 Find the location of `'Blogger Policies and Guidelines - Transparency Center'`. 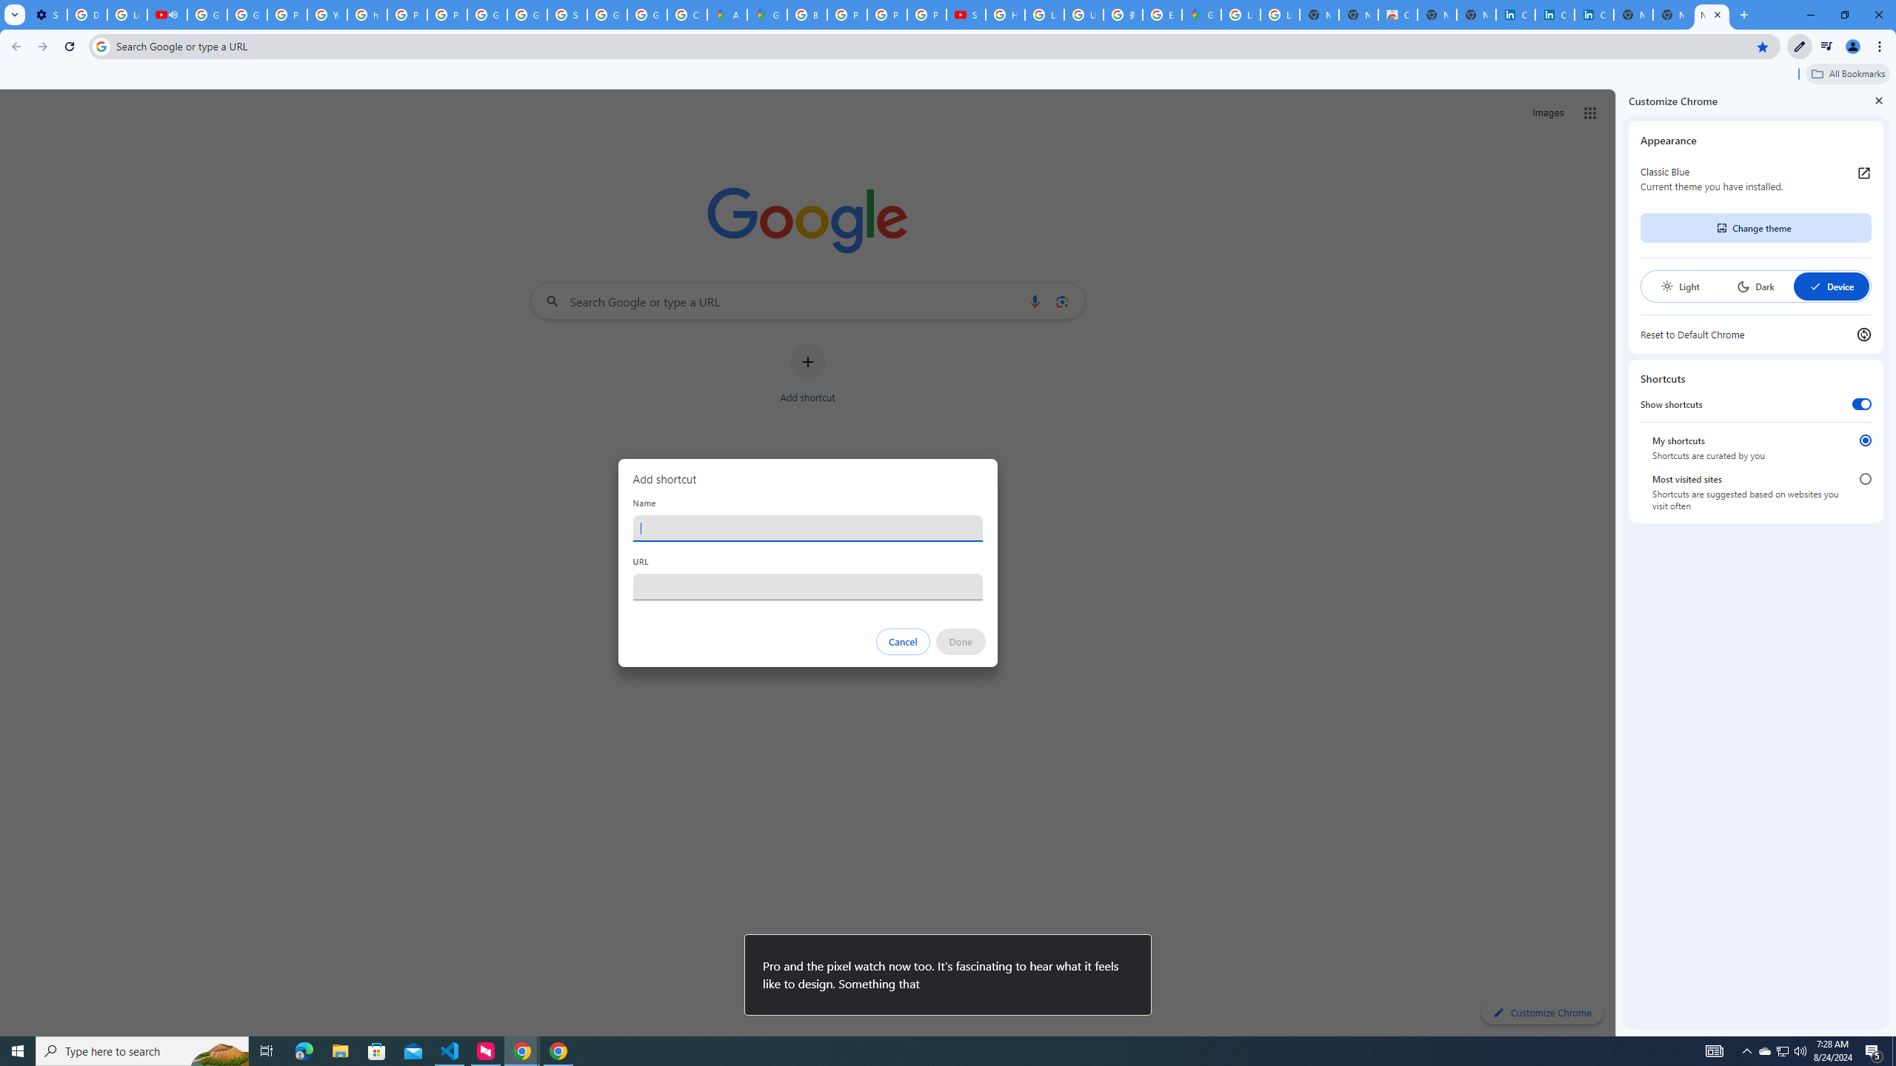

'Blogger Policies and Guidelines - Transparency Center' is located at coordinates (807, 14).